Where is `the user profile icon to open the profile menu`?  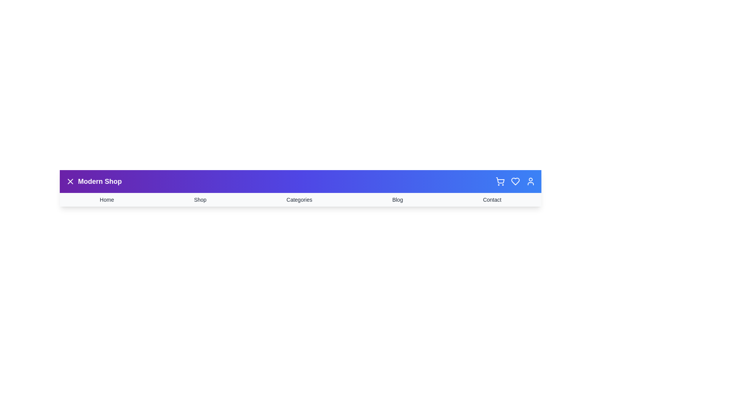
the user profile icon to open the profile menu is located at coordinates (530, 182).